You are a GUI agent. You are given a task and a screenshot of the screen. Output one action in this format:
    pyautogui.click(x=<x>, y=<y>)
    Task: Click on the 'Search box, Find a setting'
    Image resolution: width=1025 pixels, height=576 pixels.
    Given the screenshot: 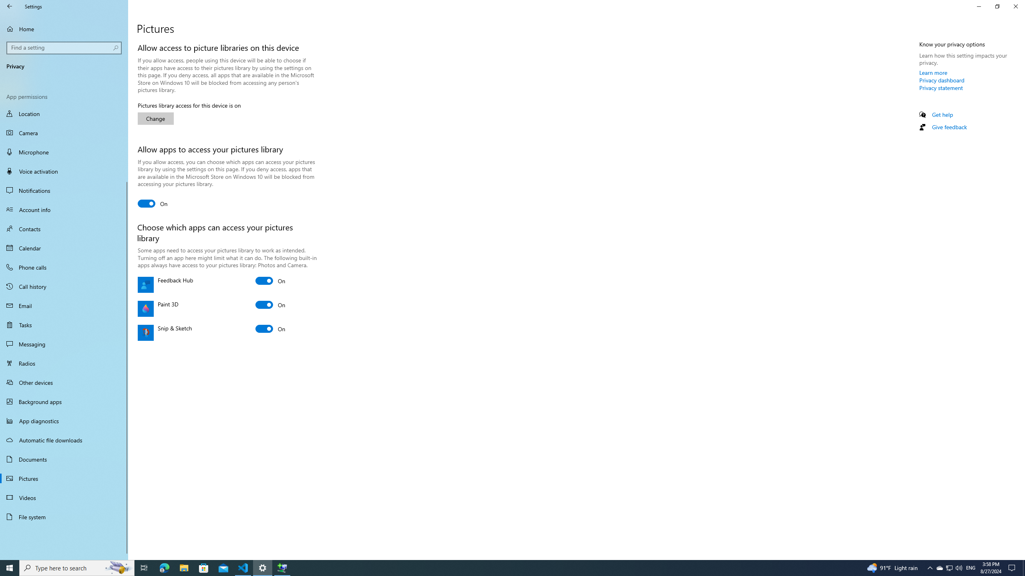 What is the action you would take?
    pyautogui.click(x=64, y=47)
    